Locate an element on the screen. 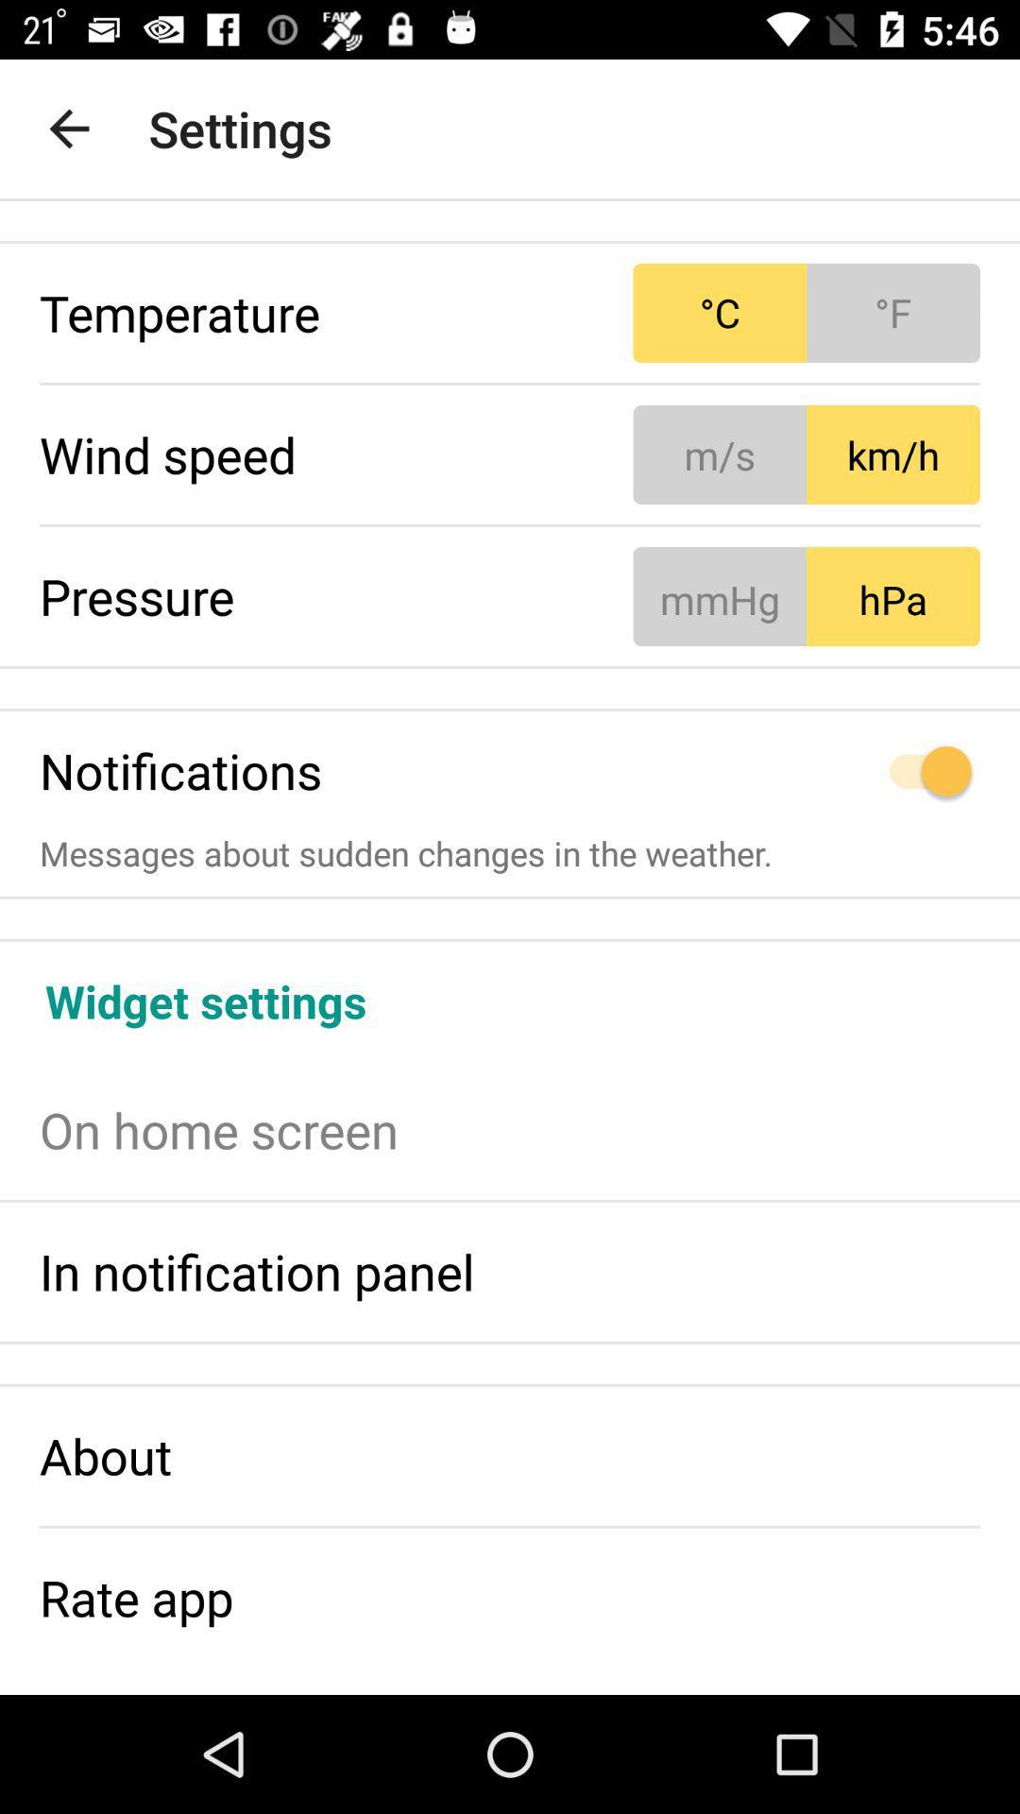 The height and width of the screenshot is (1814, 1020). item next to the temperature icon is located at coordinates (807, 313).